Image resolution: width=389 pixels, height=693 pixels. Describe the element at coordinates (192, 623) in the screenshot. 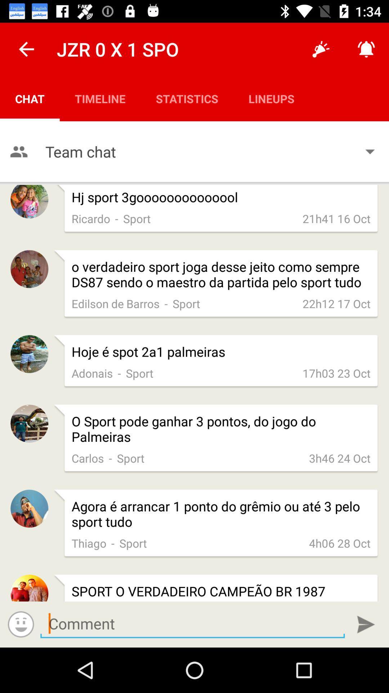

I see `comment icon` at that location.